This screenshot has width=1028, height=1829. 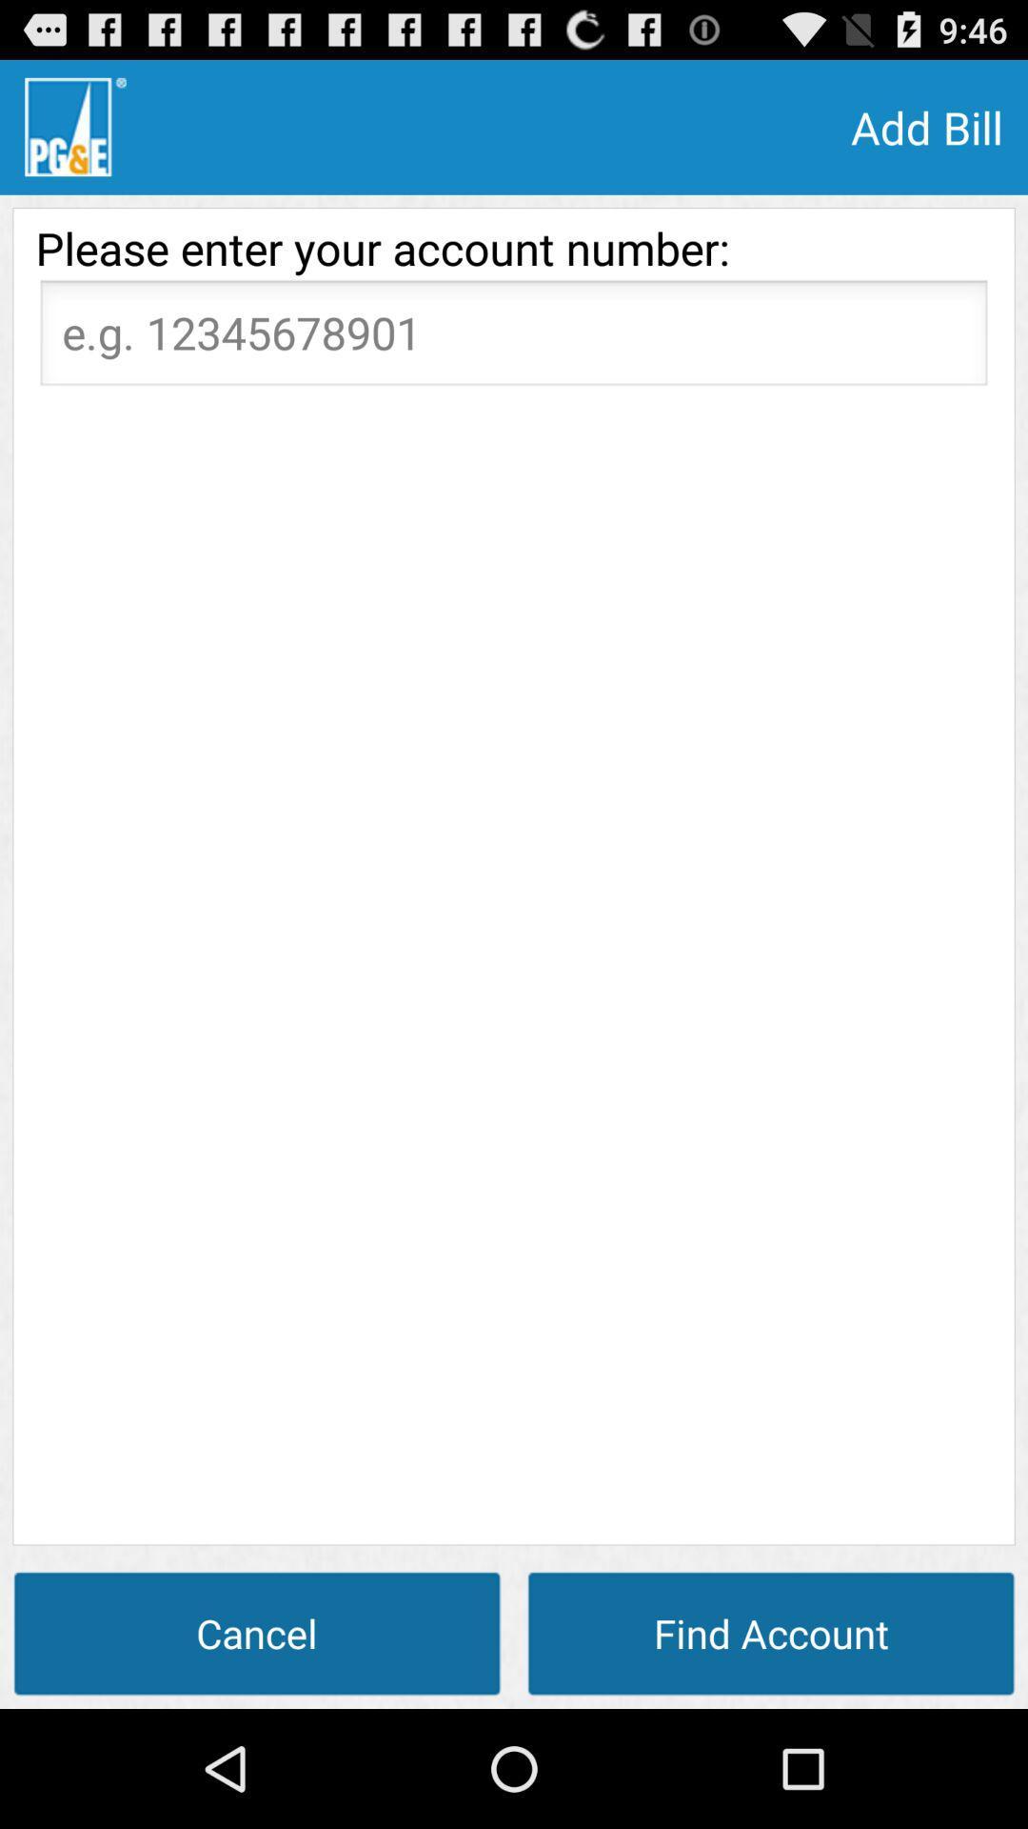 What do you see at coordinates (74, 126) in the screenshot?
I see `the icon at the top left corner` at bounding box center [74, 126].